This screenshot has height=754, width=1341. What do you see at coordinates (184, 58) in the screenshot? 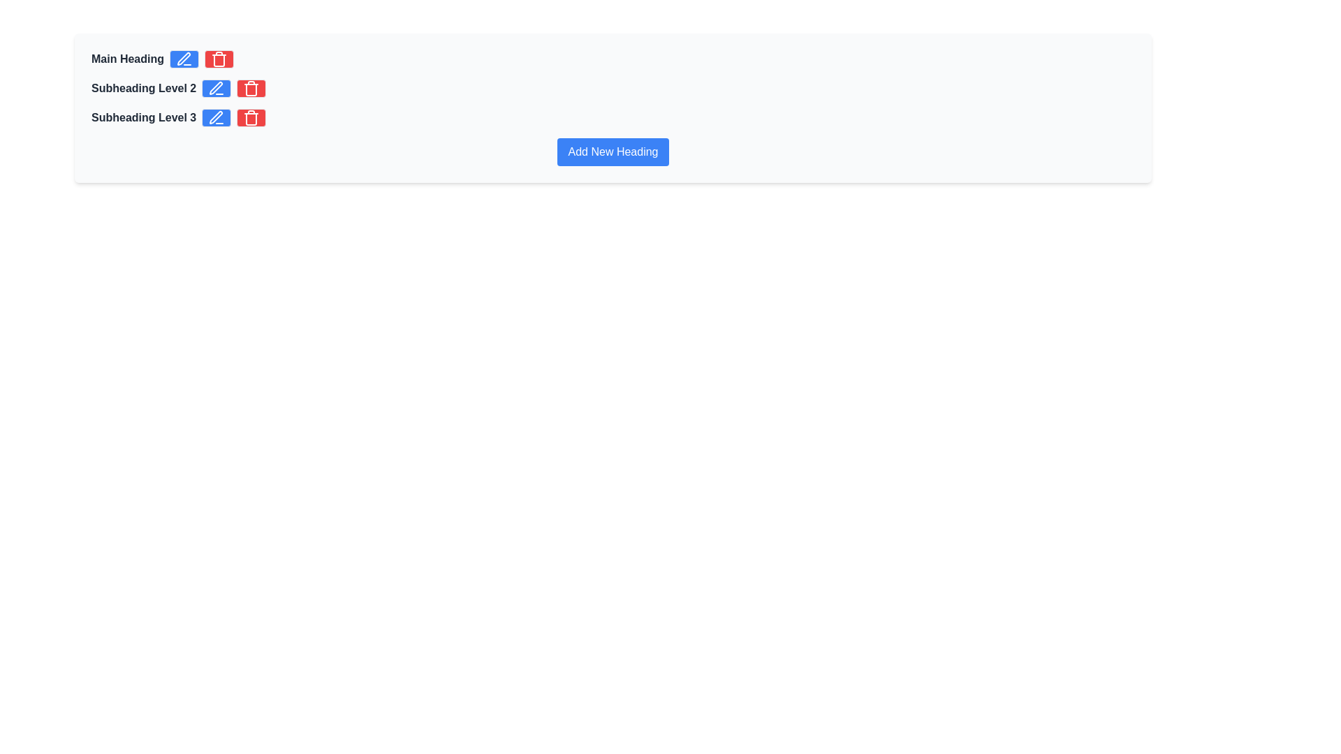
I see `the edit button for the 'Main Heading'` at bounding box center [184, 58].